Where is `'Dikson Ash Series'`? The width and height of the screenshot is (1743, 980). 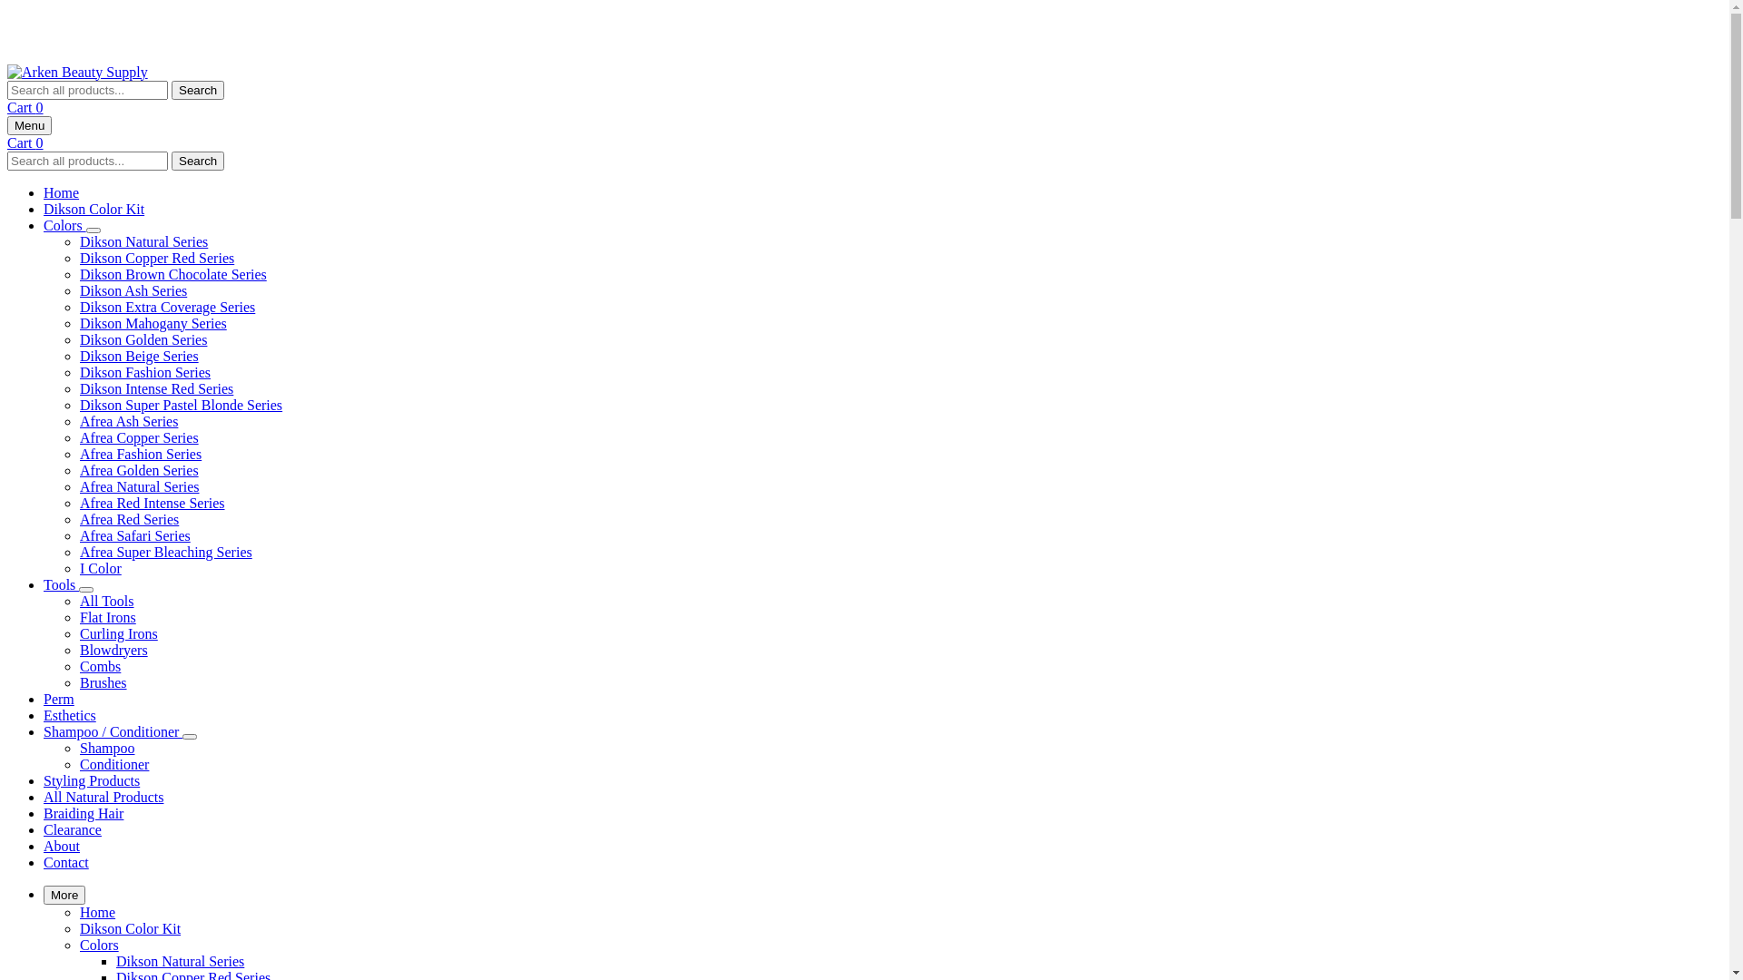
'Dikson Ash Series' is located at coordinates (133, 289).